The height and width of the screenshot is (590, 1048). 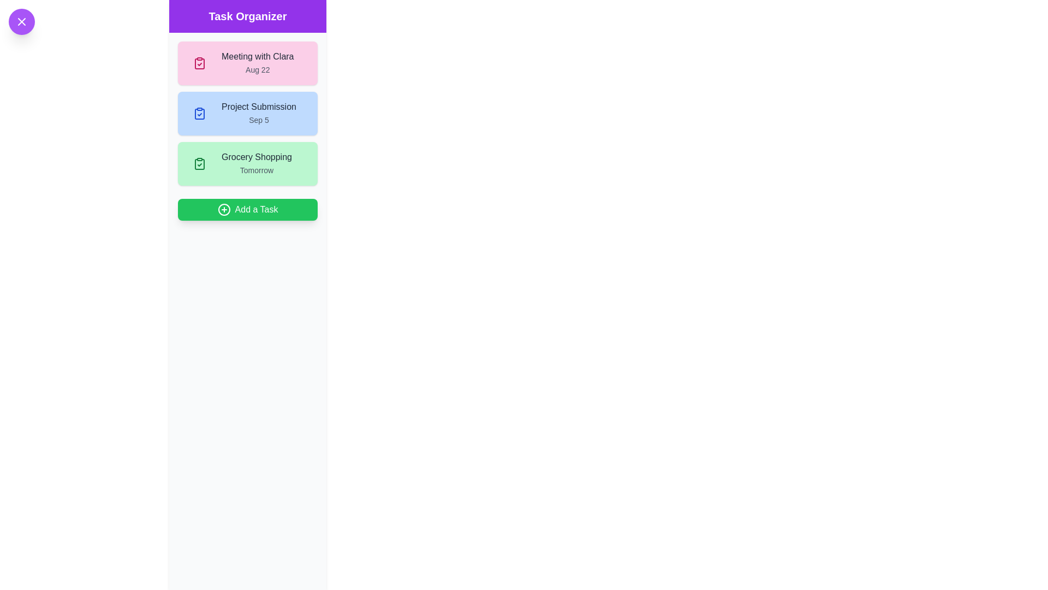 What do you see at coordinates (247, 63) in the screenshot?
I see `the task Meeting with Clara from the list` at bounding box center [247, 63].